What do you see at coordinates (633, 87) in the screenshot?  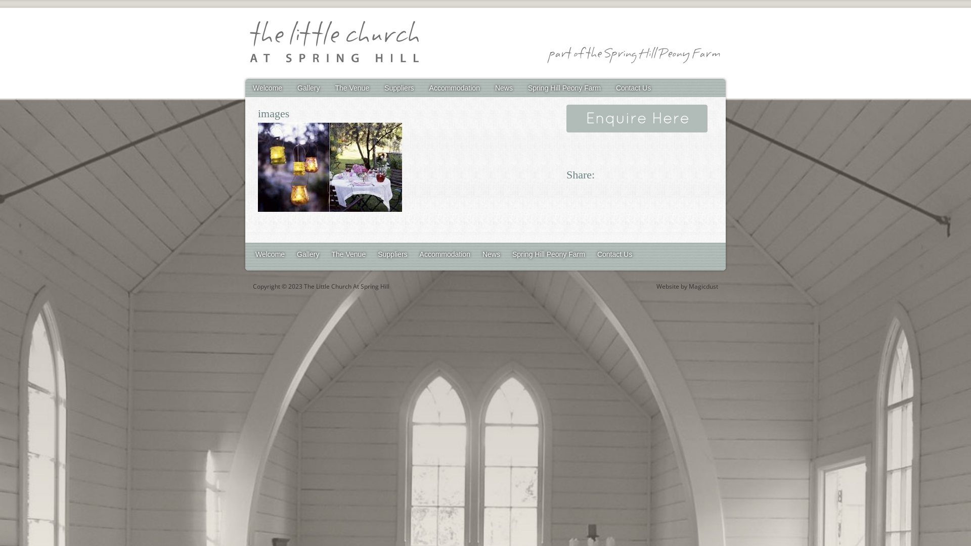 I see `'Contact Us'` at bounding box center [633, 87].